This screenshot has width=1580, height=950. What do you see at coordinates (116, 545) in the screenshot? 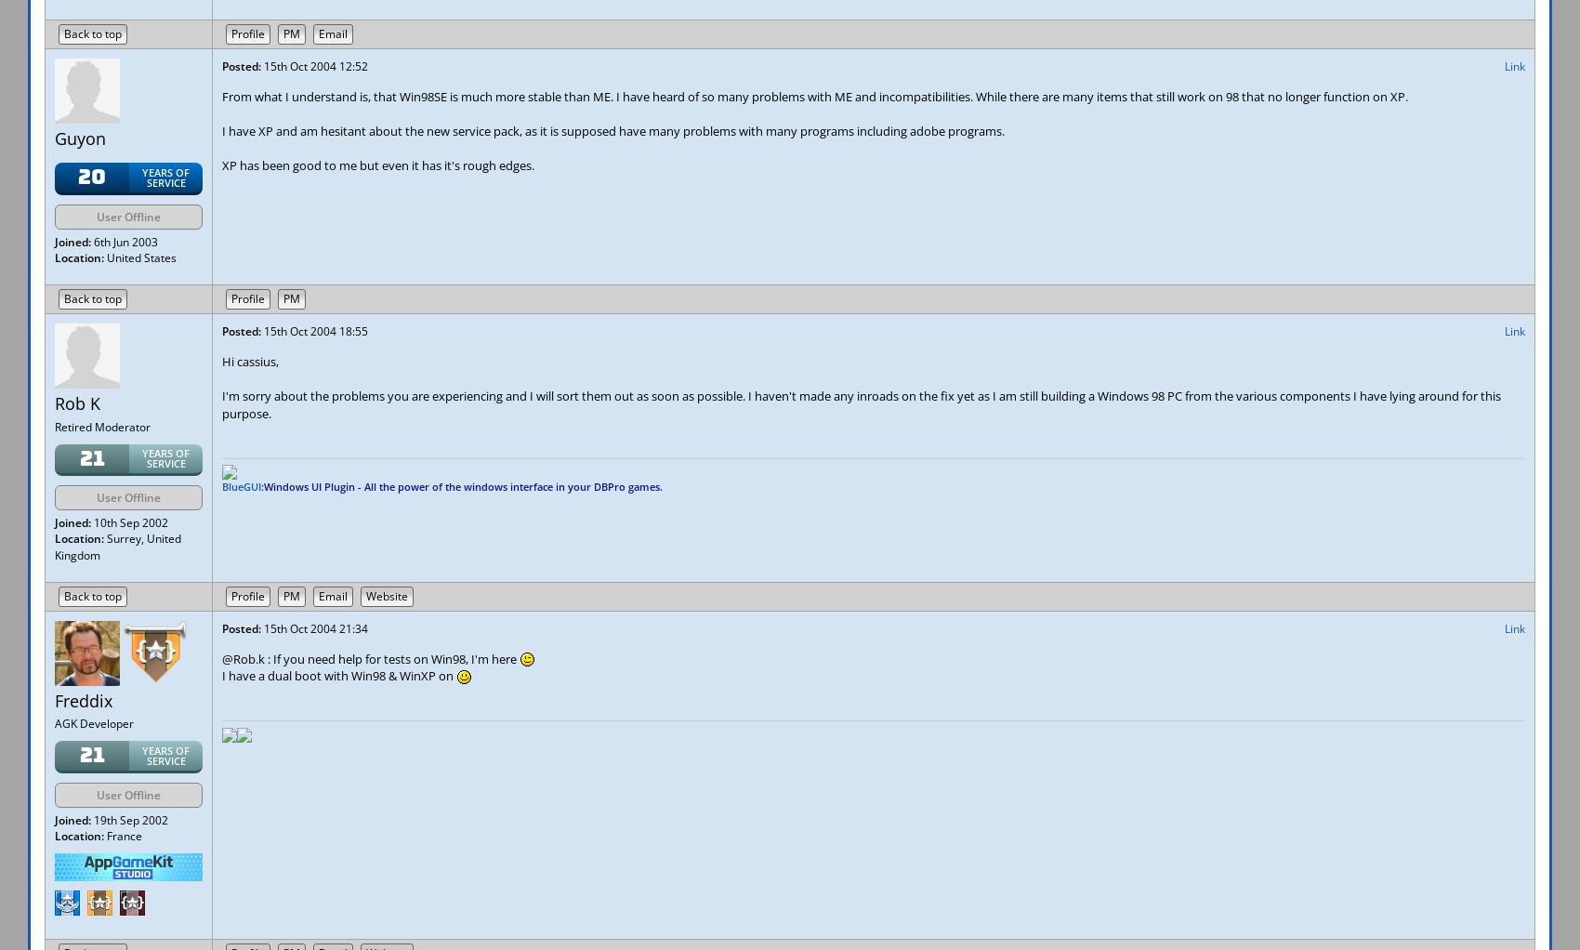
I see `'Surrey, United Kingdom'` at bounding box center [116, 545].